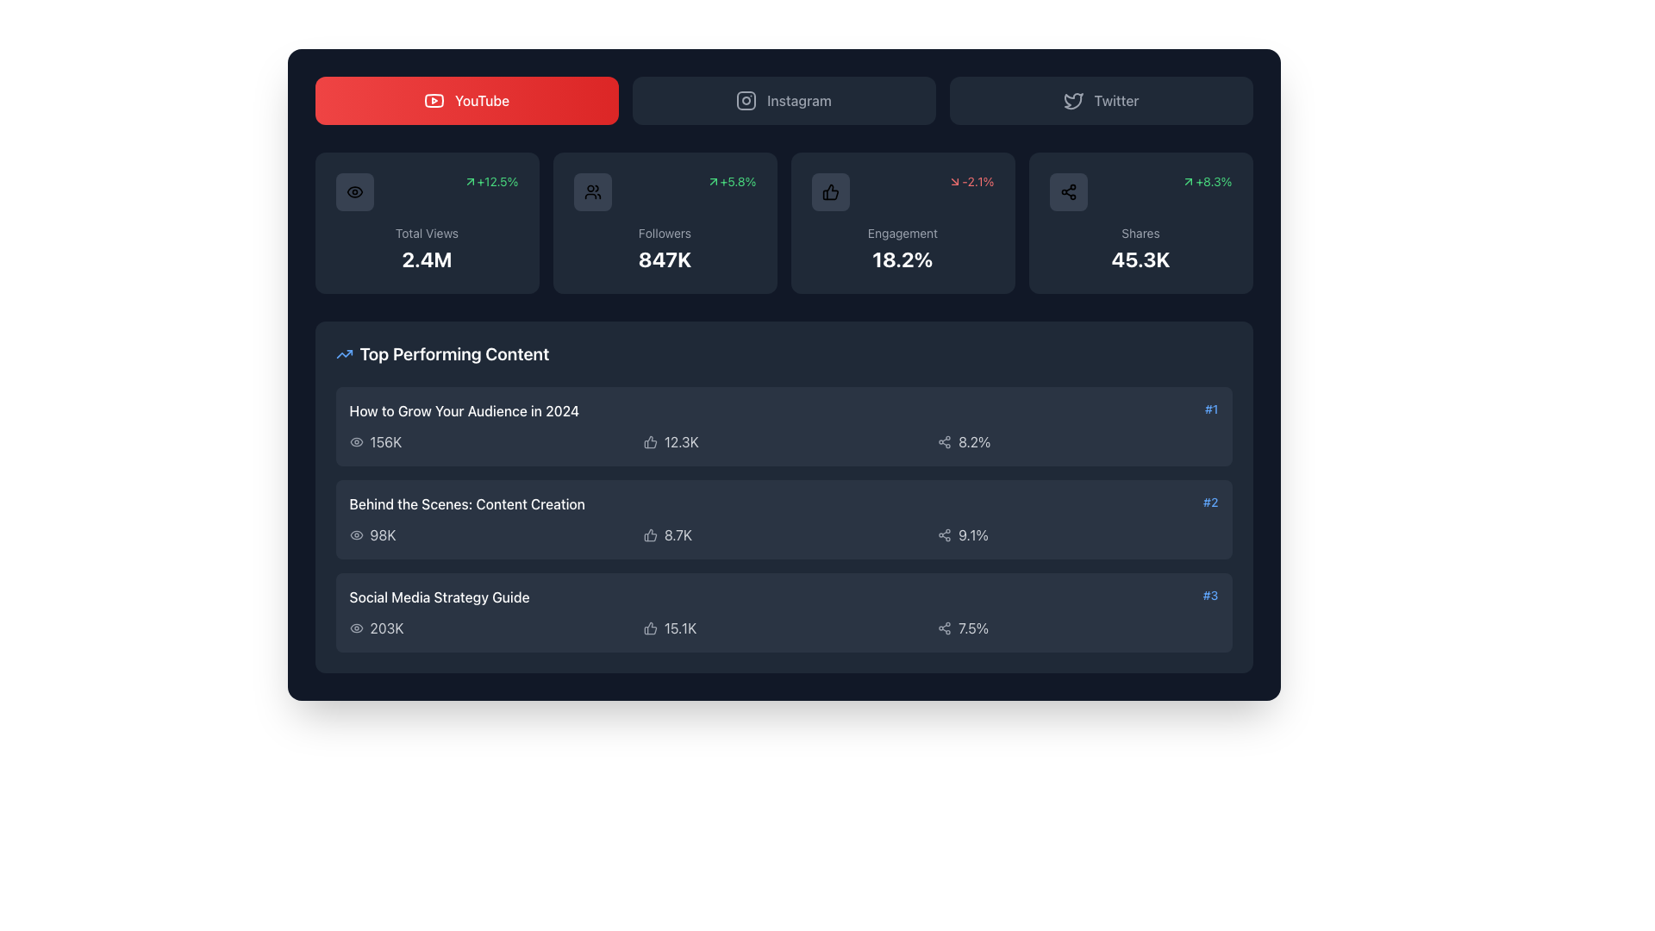  What do you see at coordinates (1209, 502) in the screenshot?
I see `the text label displaying '#2', which is a small blue font label positioned to the far right, adjacent to '#1' and before '#3'` at bounding box center [1209, 502].